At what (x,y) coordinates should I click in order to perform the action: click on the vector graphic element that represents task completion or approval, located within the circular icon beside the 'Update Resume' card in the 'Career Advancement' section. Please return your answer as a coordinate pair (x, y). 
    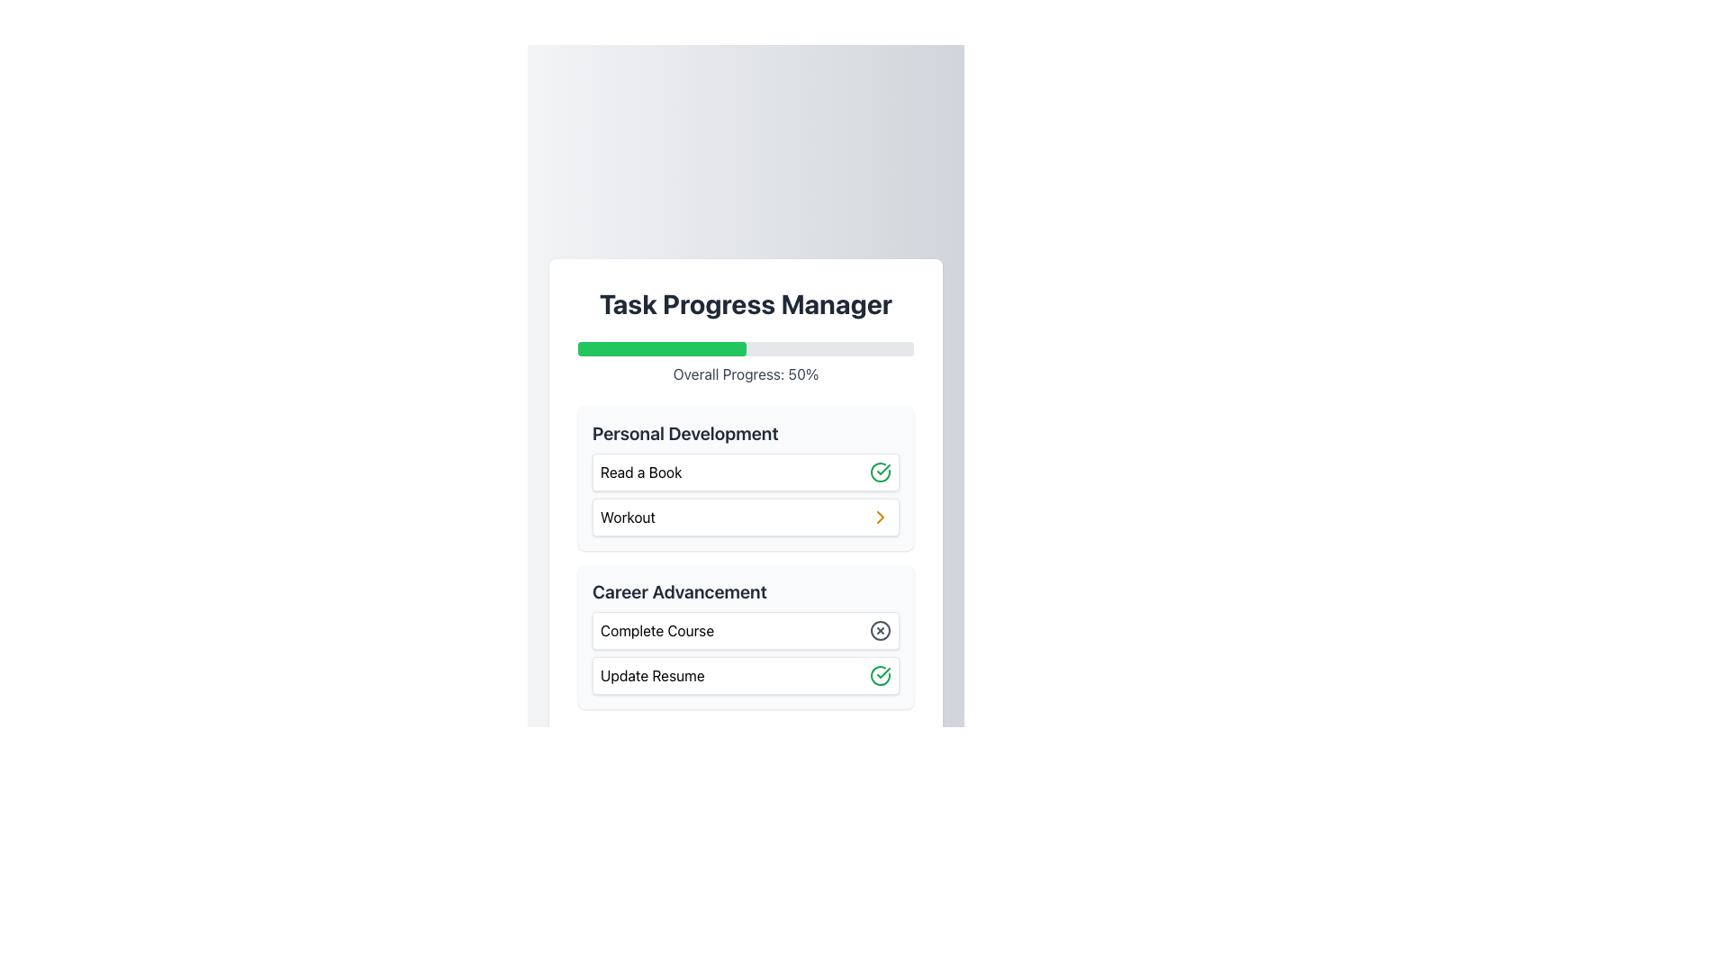
    Looking at the image, I should click on (881, 471).